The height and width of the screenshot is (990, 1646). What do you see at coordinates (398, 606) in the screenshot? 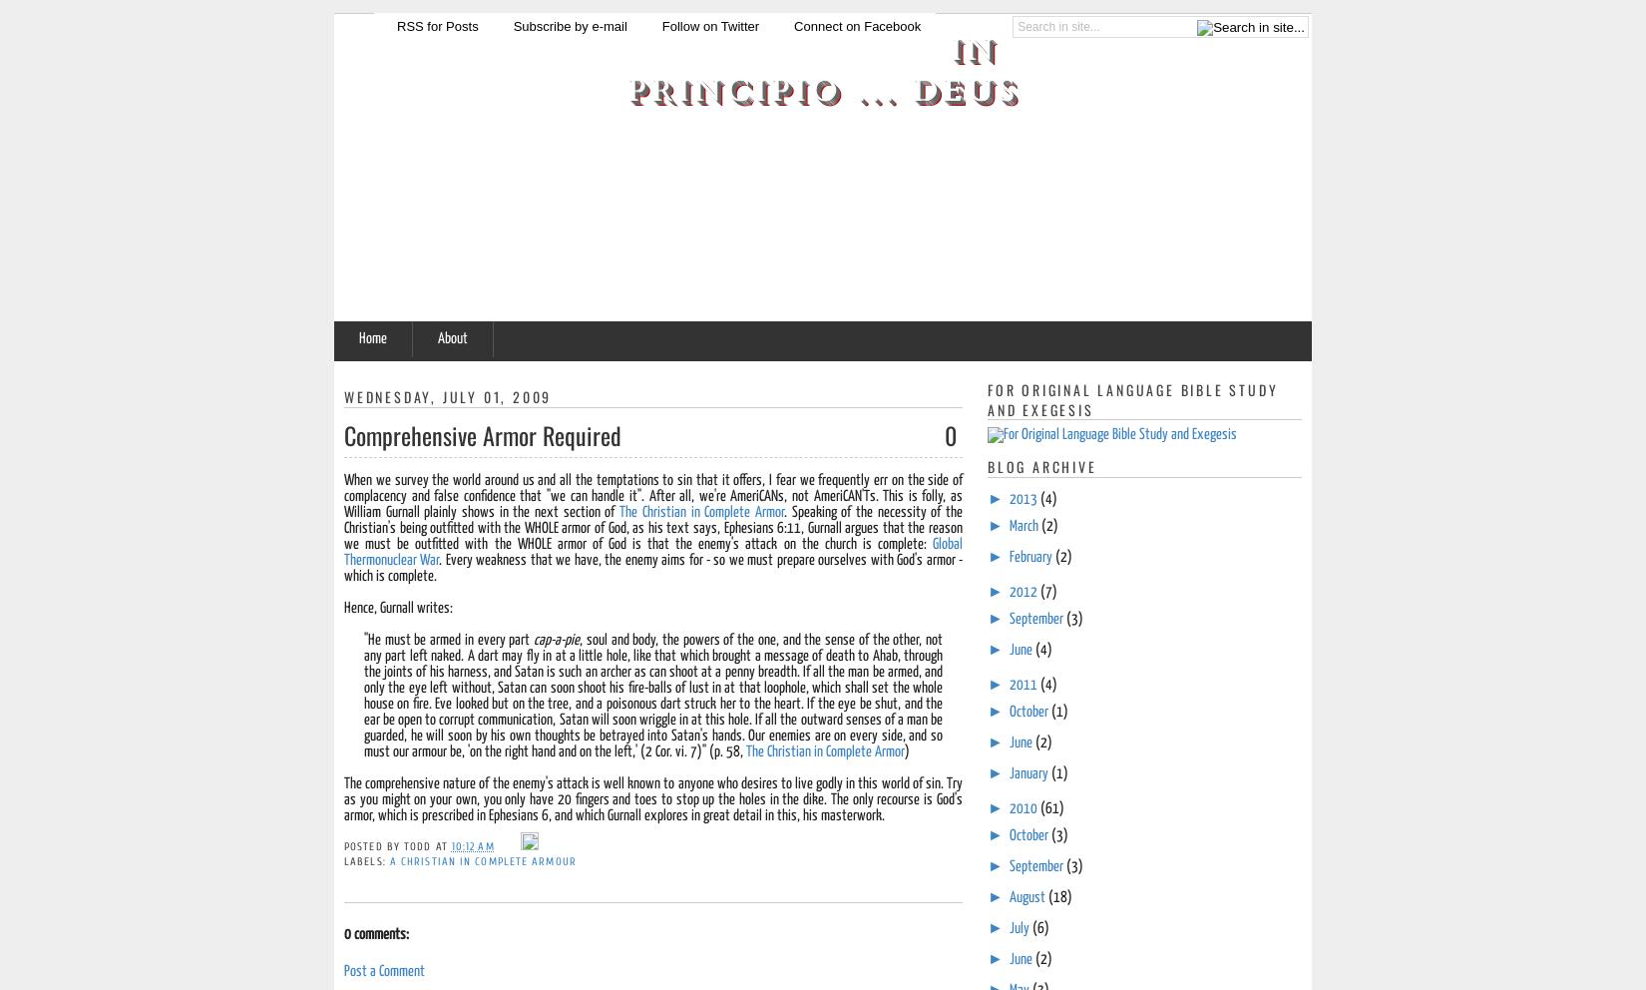
I see `'Hence, Gurnall writes:'` at bounding box center [398, 606].